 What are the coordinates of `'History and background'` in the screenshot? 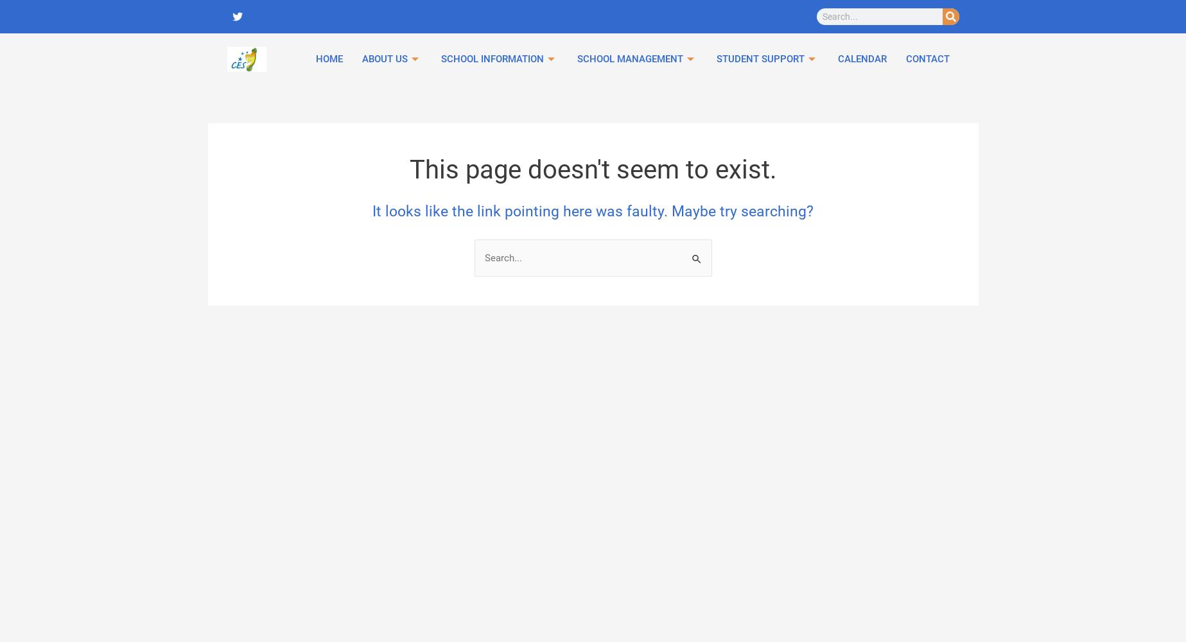 It's located at (666, 140).